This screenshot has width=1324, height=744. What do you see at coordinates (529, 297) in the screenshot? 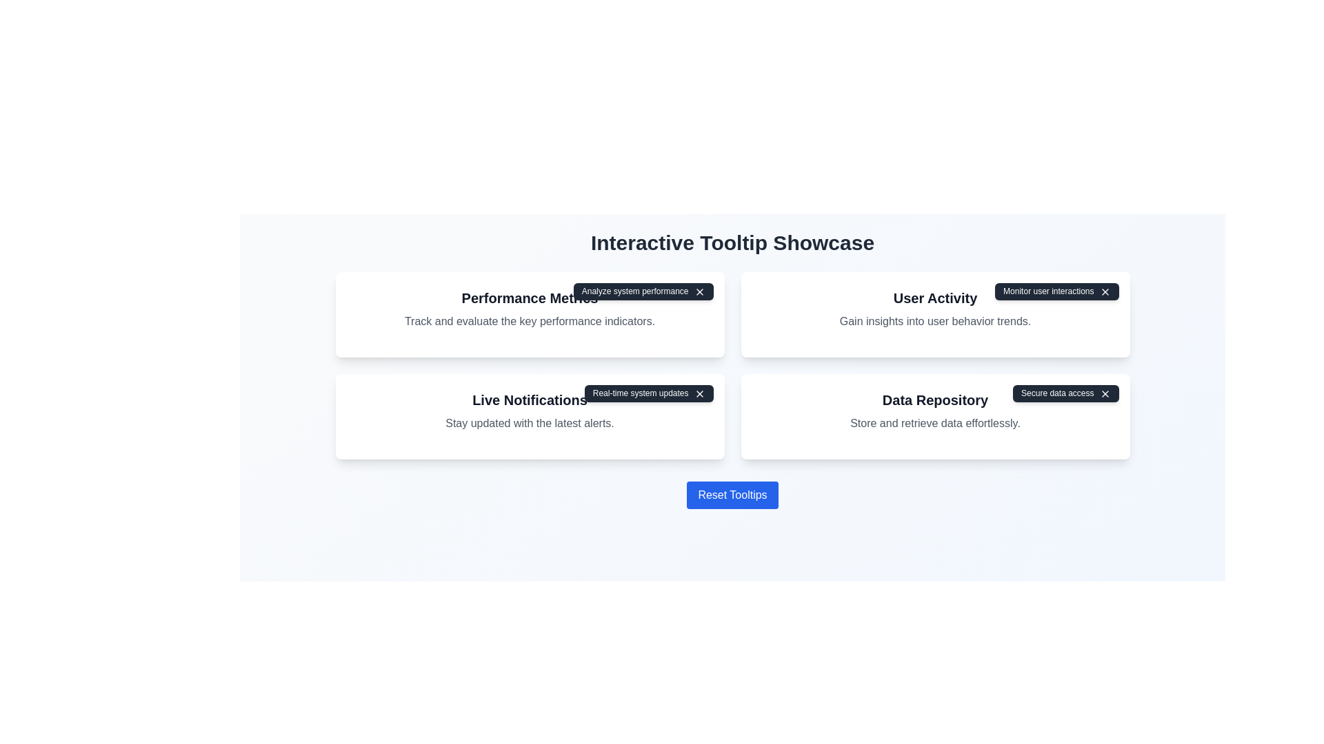
I see `the bold, large black text 'Performance Metrics' located in the top half of the left card with rounded corners` at bounding box center [529, 297].